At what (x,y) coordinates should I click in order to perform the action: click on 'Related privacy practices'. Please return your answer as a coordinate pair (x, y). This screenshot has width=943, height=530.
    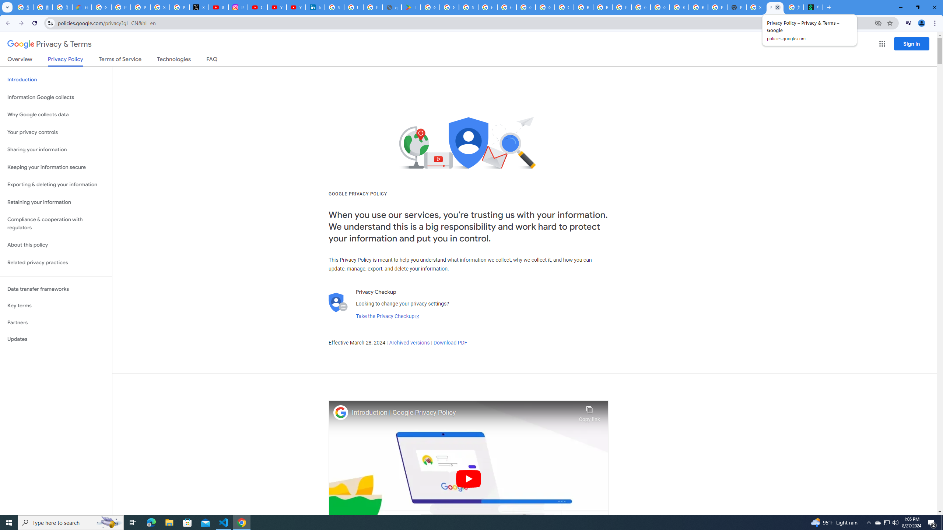
    Looking at the image, I should click on (56, 262).